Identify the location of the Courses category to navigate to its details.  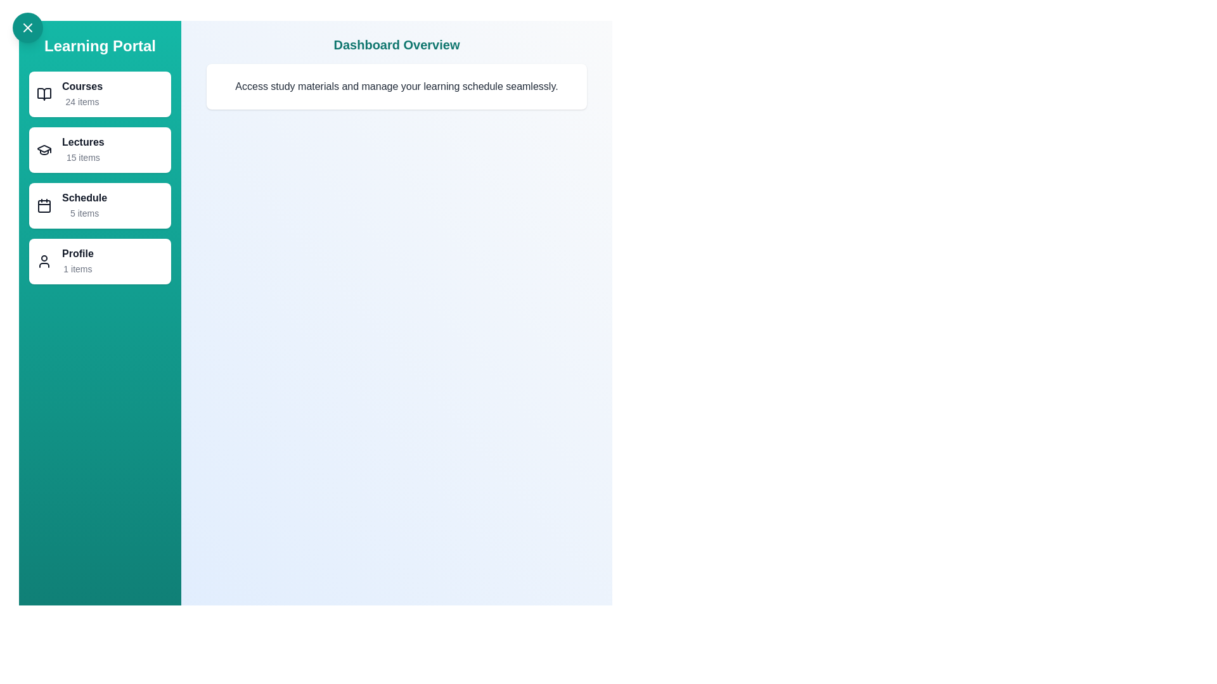
(100, 94).